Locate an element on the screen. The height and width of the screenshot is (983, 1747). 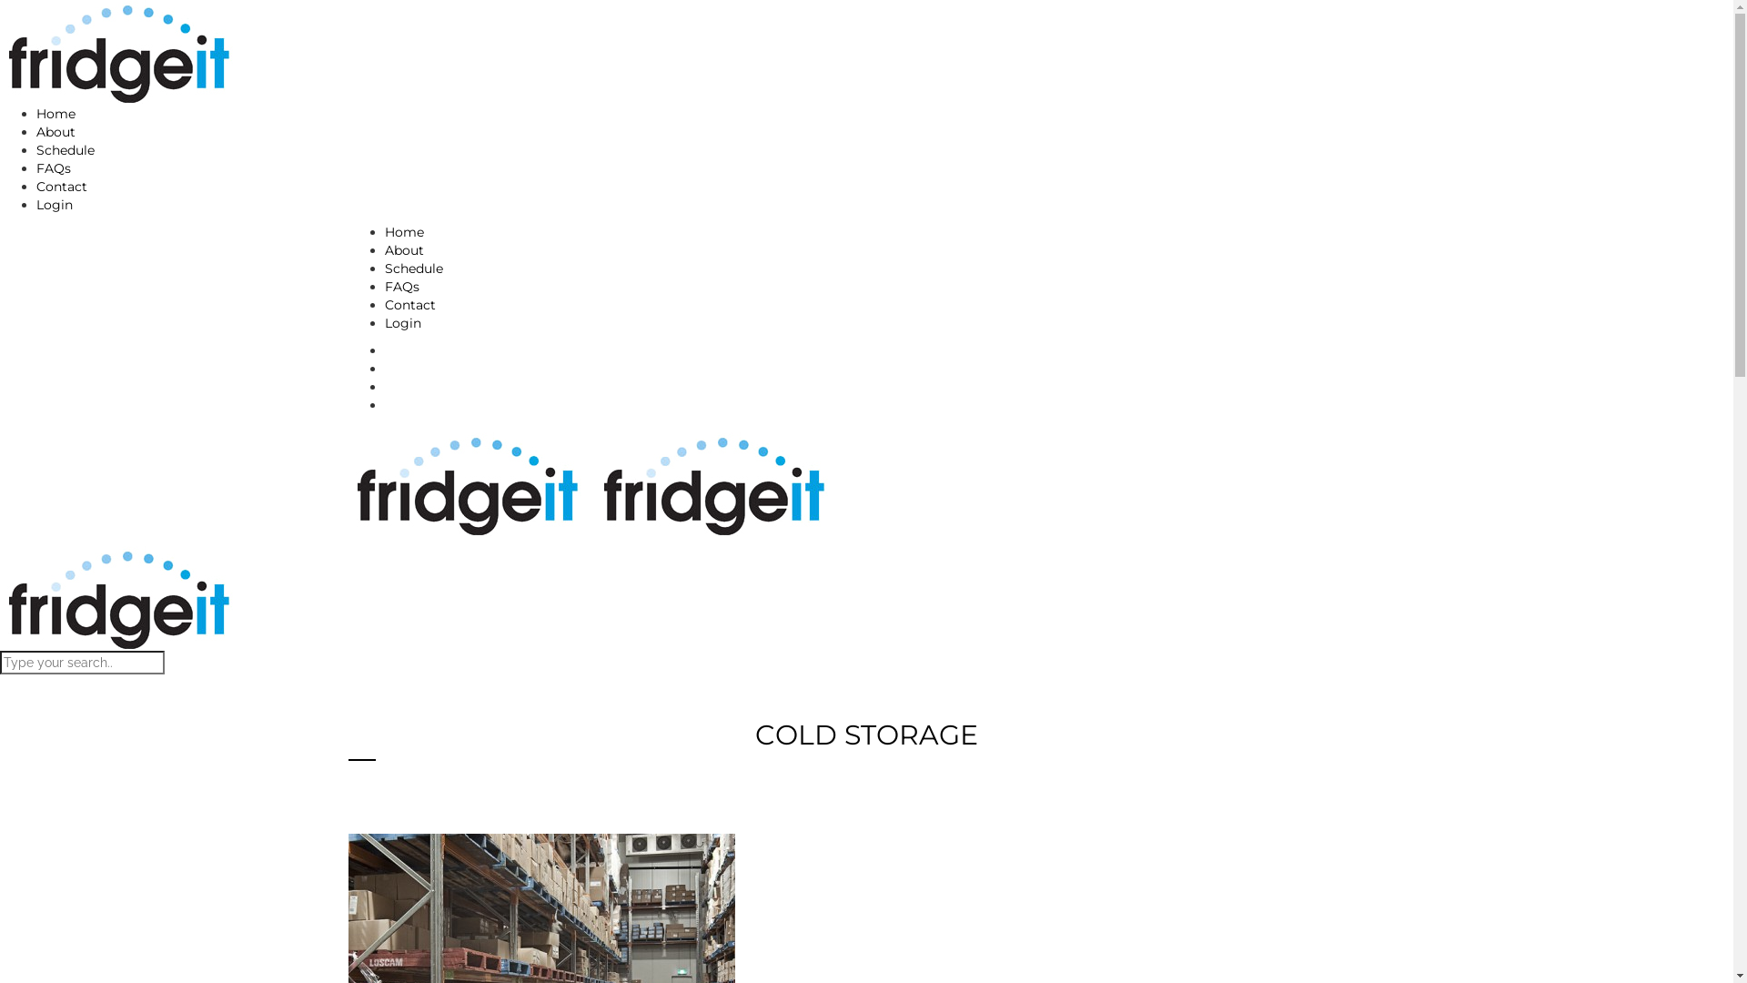
'Schedule' is located at coordinates (66, 149).